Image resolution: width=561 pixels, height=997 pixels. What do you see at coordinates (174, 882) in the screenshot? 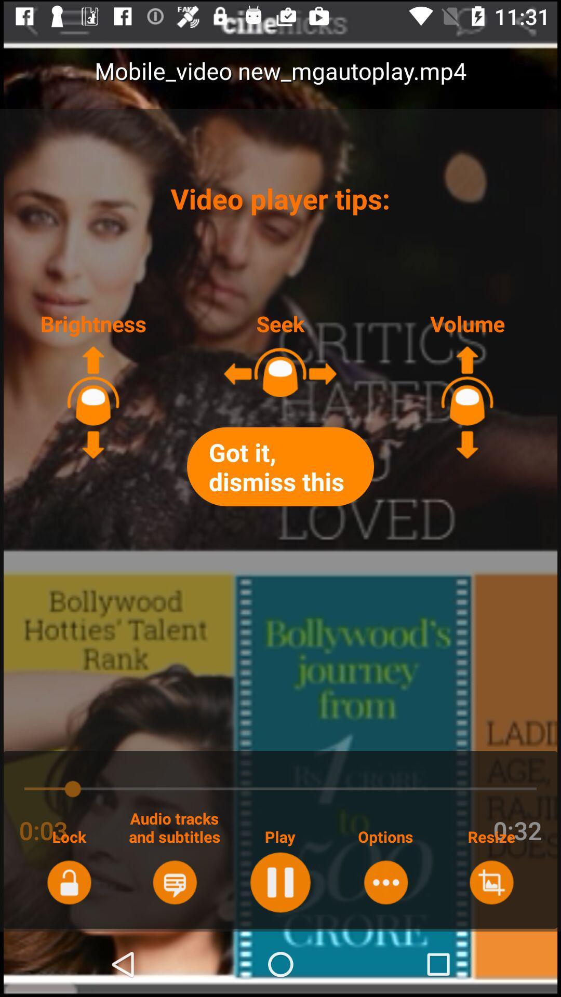
I see `audio tracks and subtitles option` at bounding box center [174, 882].